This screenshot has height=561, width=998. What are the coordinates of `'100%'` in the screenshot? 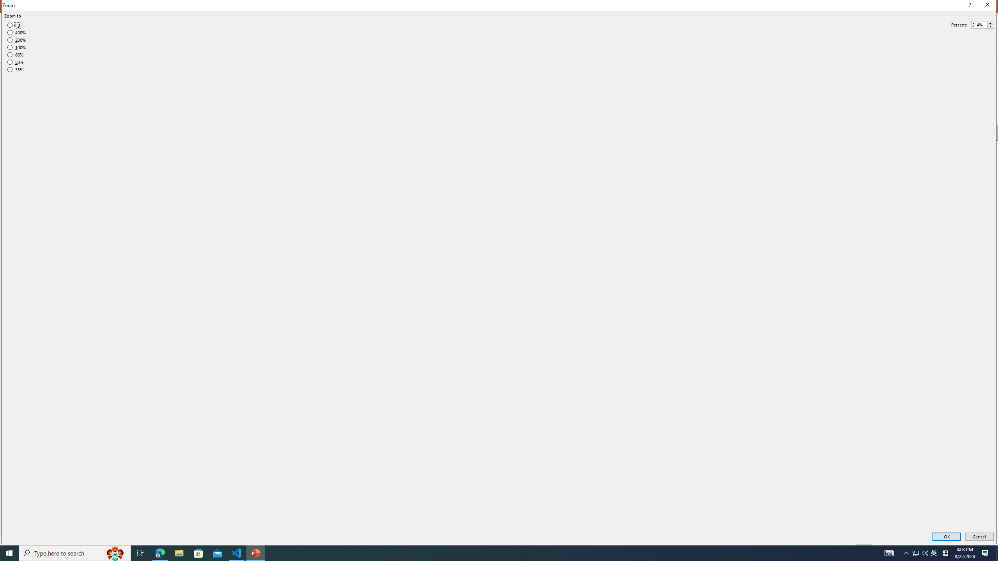 It's located at (16, 47).